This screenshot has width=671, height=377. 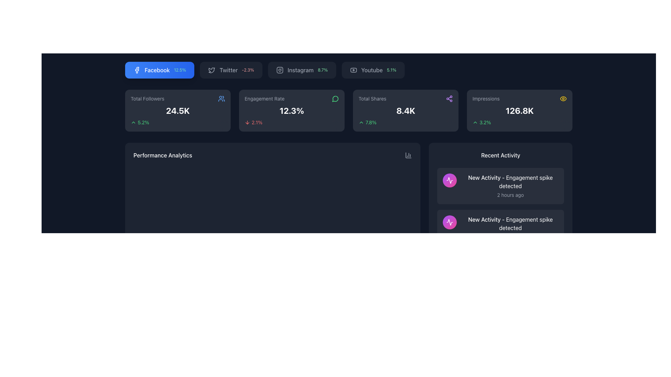 I want to click on the 'New Activity' text label, which is a static text element displayed in white on a dark background, located in the 'Recent Activity' section, above the descriptive text 'Engagement spike detected', so click(x=484, y=177).